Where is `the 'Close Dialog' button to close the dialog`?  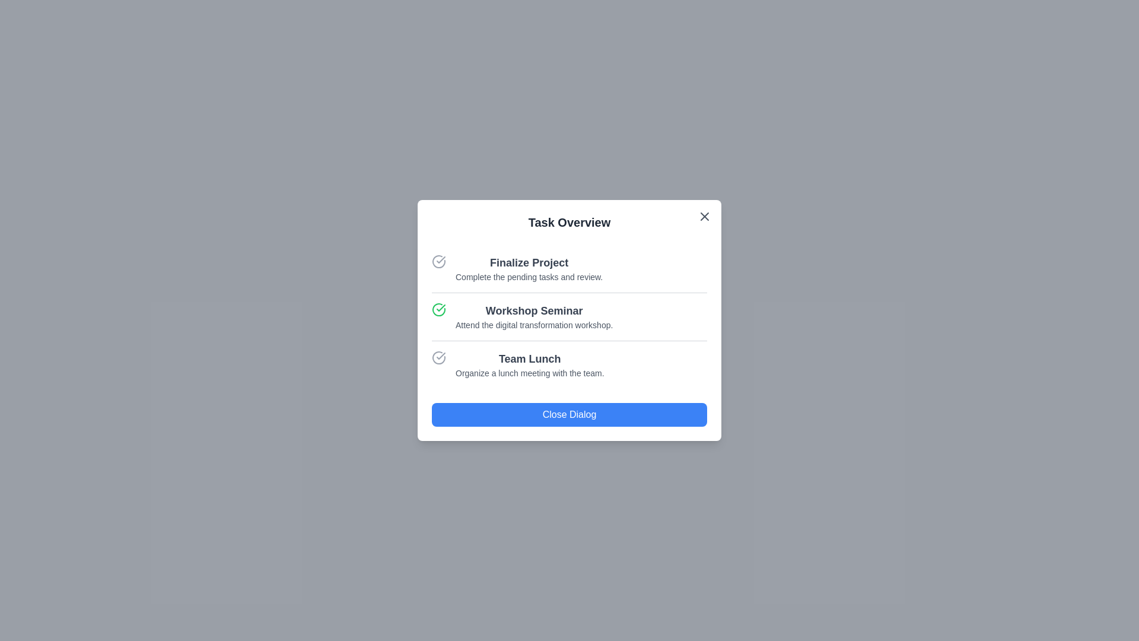 the 'Close Dialog' button to close the dialog is located at coordinates (569, 414).